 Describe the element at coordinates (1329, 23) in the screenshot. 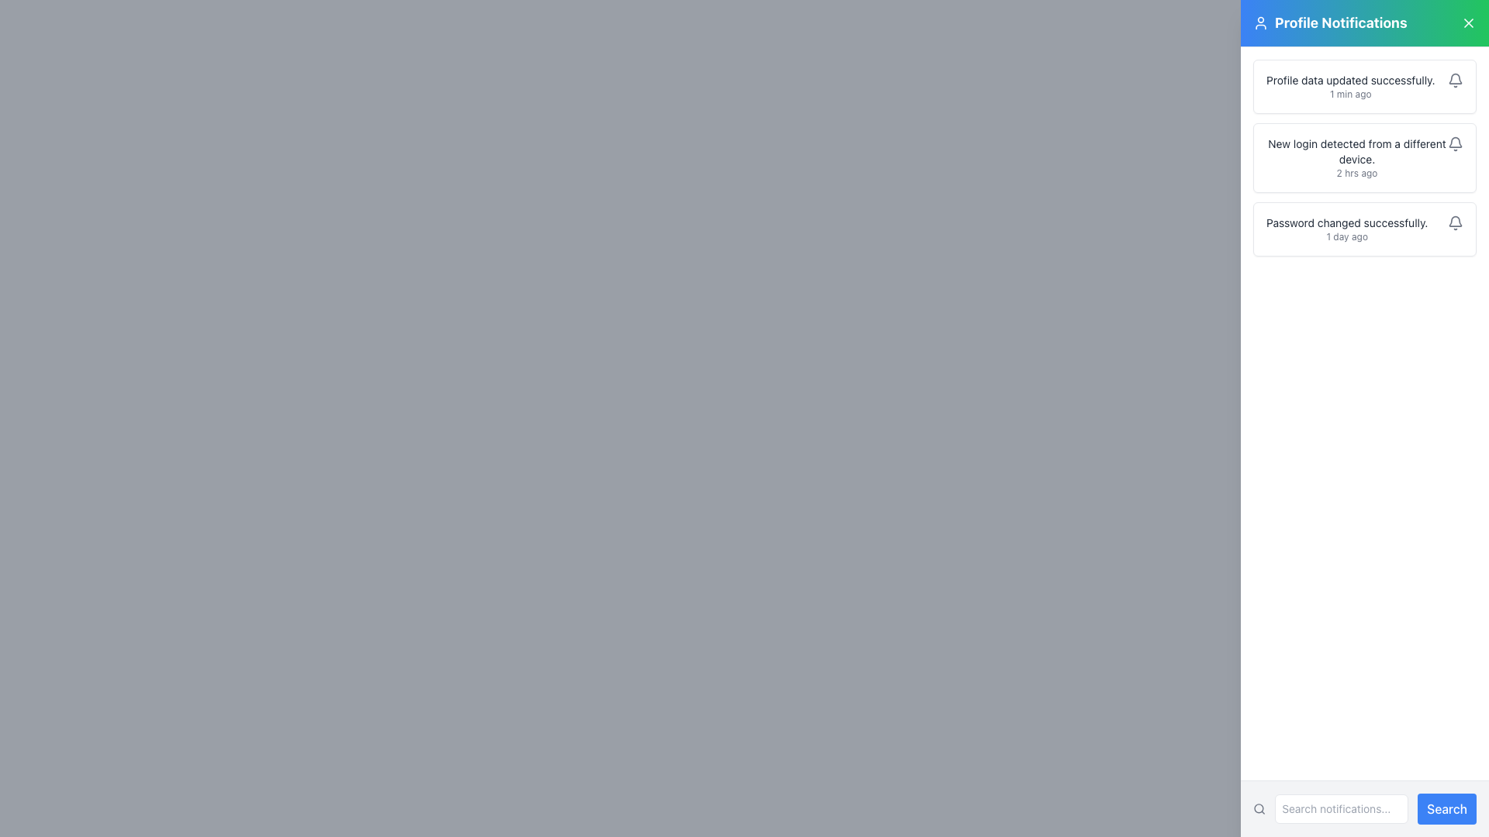

I see `the text block with icon that serves as the title for the notification panel, located in the top-right corner of the interface` at that location.